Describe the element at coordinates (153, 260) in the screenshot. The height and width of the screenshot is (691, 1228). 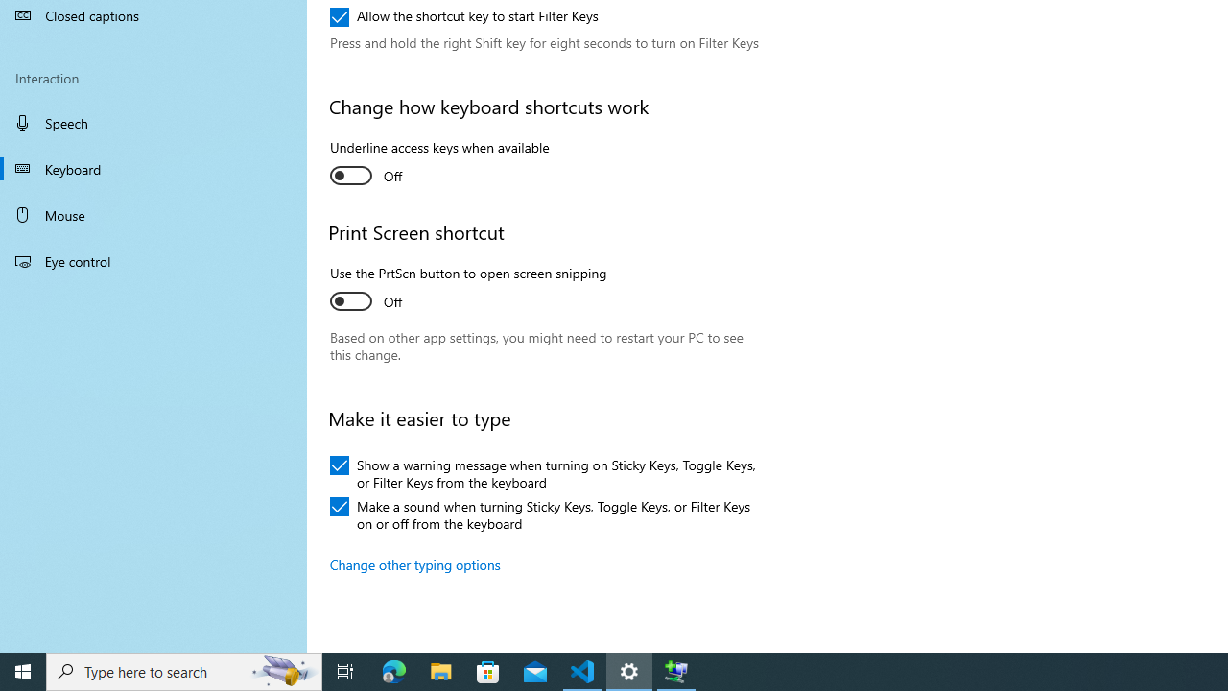
I see `'Eye control'` at that location.